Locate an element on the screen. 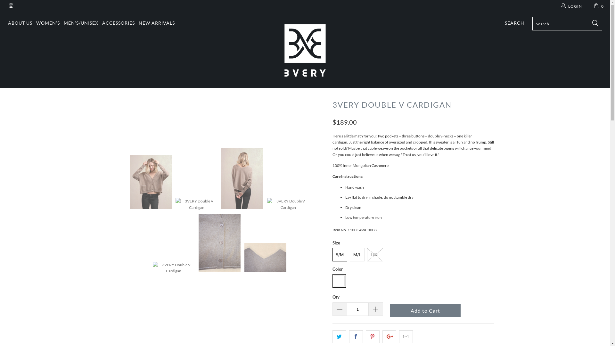 Image resolution: width=615 pixels, height=346 pixels. '3VERY' is located at coordinates (305, 50).